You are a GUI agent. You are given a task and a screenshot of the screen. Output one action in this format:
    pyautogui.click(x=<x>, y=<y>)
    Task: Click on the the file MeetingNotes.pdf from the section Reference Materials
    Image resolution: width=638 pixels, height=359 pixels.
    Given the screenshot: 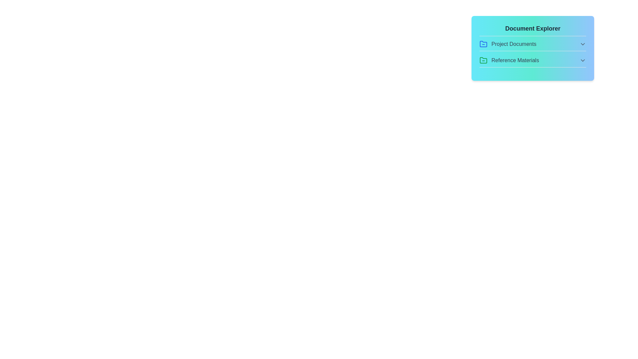 What is the action you would take?
    pyautogui.click(x=533, y=62)
    